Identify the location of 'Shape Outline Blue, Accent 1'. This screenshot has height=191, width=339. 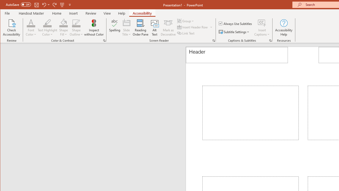
(76, 23).